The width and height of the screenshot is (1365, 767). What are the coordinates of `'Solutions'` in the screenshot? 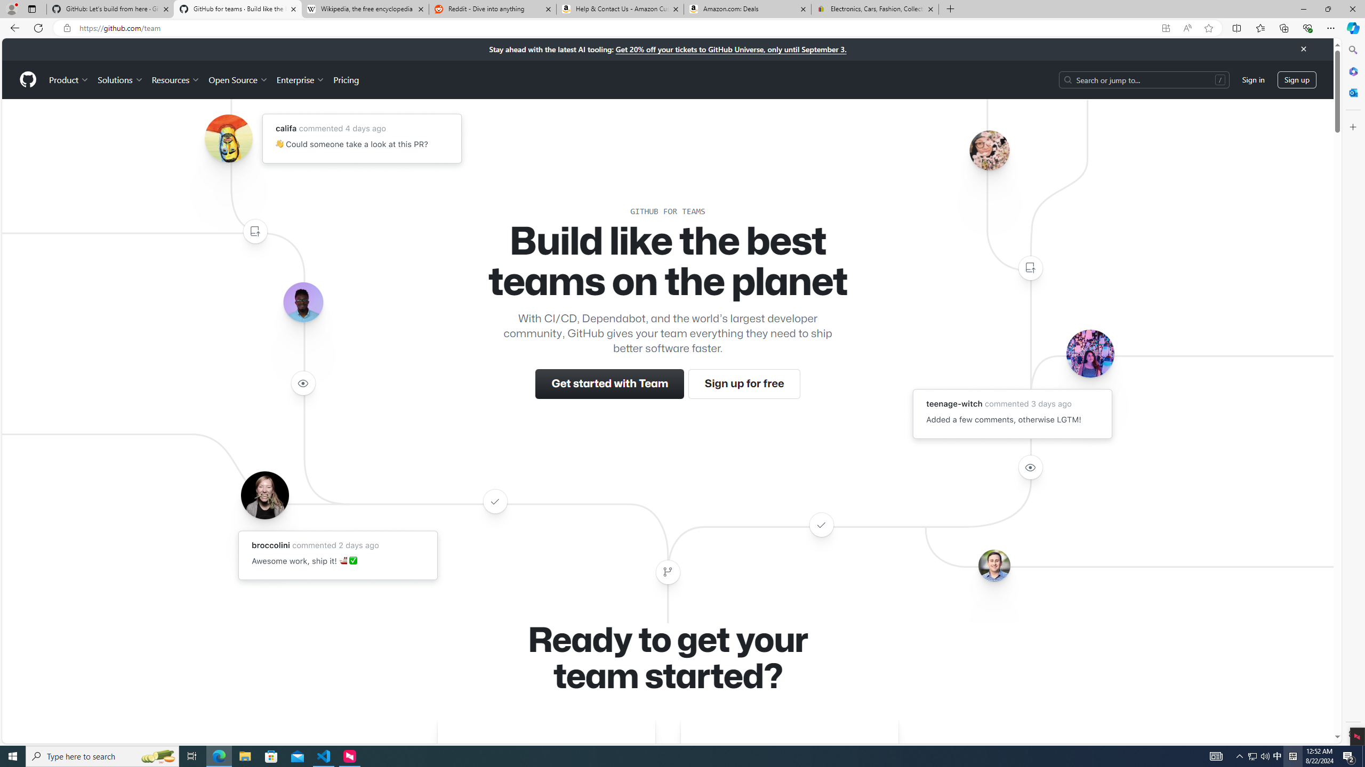 It's located at (119, 79).